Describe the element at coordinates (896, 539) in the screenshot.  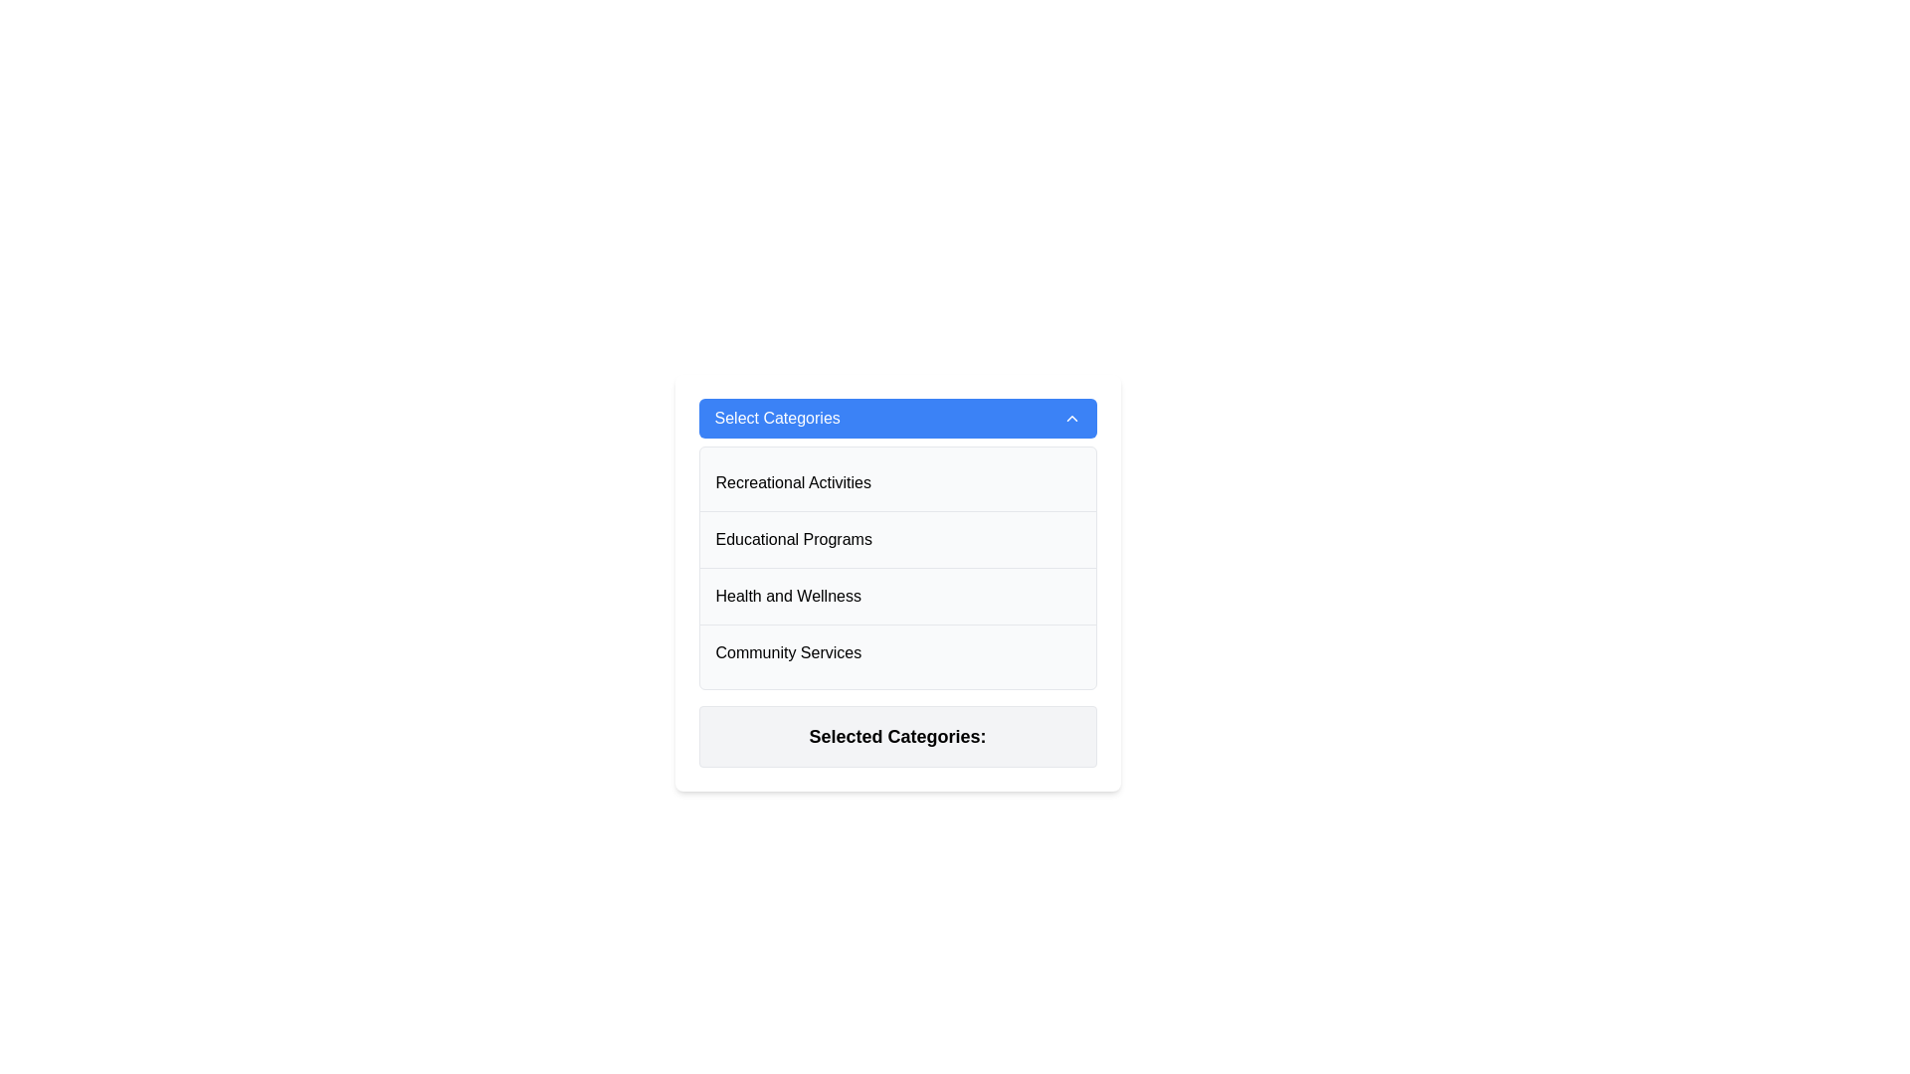
I see `the List item that reads 'Educational Programs' to change its background color to light blue` at that location.